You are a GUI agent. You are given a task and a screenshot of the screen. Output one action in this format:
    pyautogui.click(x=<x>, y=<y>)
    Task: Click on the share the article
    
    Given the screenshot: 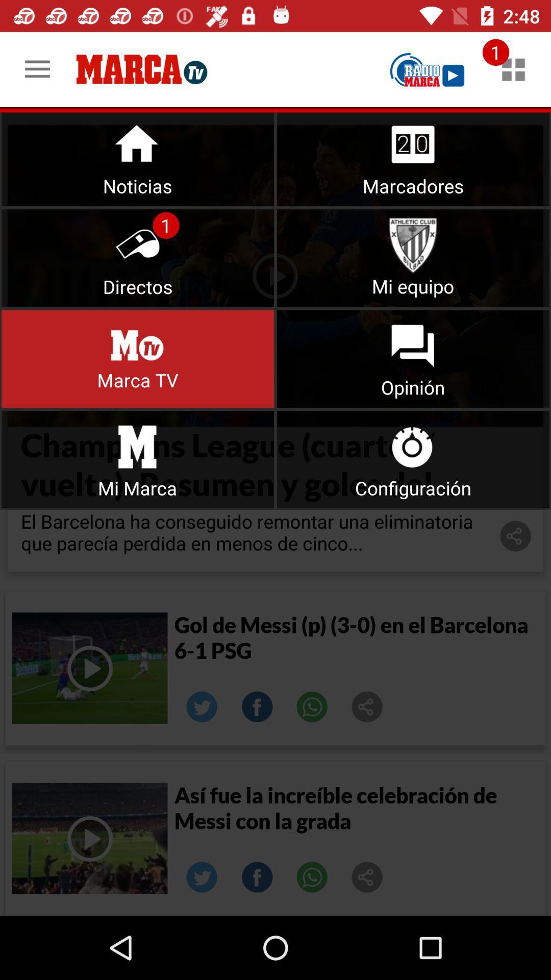 What is the action you would take?
    pyautogui.click(x=367, y=876)
    